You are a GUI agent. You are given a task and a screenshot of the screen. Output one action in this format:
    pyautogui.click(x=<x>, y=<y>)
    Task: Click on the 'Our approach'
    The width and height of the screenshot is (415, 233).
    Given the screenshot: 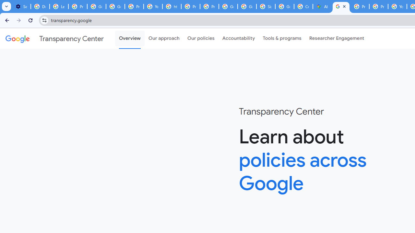 What is the action you would take?
    pyautogui.click(x=164, y=39)
    